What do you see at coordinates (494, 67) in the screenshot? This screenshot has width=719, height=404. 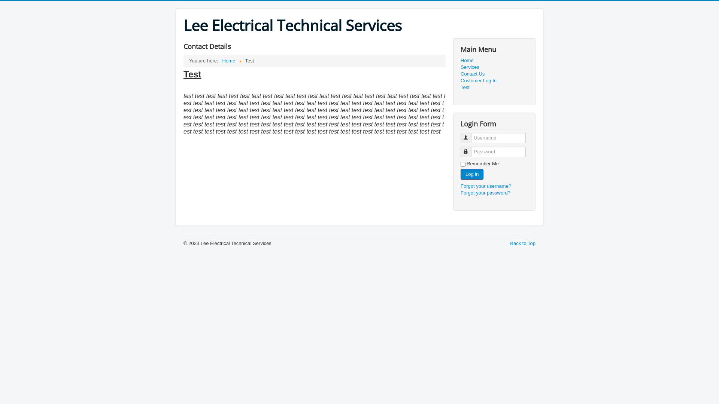 I see `'Services'` at bounding box center [494, 67].